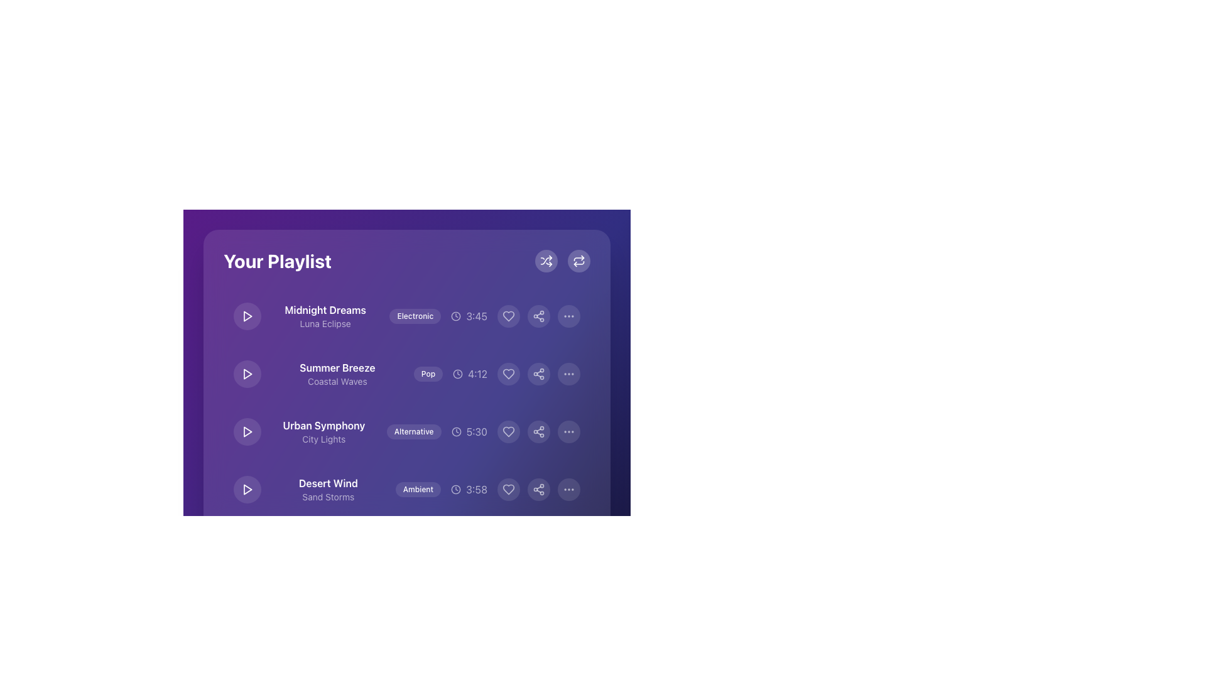  Describe the element at coordinates (496, 603) in the screenshot. I see `the navigation button located at the far right of the pagination bar to advance to the next page` at that location.